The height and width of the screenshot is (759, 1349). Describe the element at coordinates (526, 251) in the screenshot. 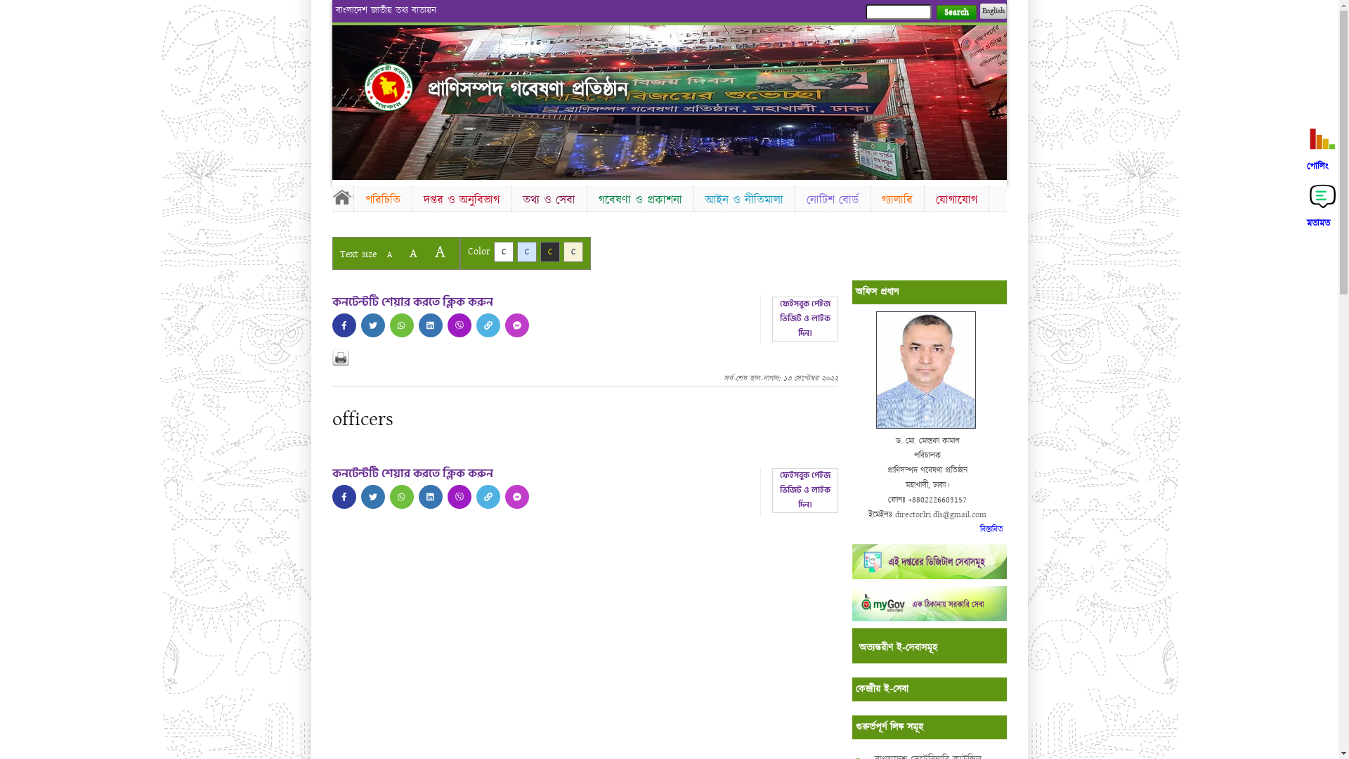

I see `'C'` at that location.